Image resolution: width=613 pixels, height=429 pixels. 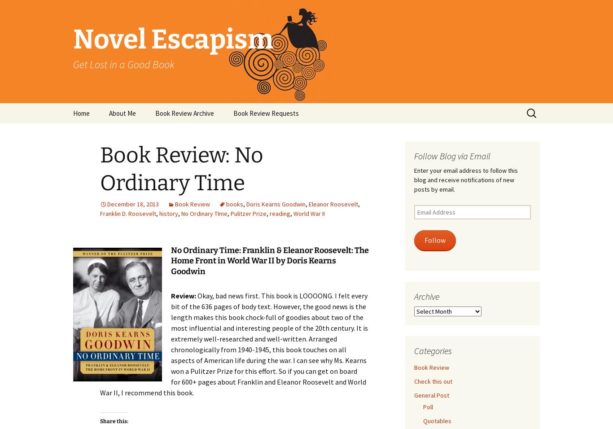 I want to click on 'December 18, 2013', so click(x=133, y=204).